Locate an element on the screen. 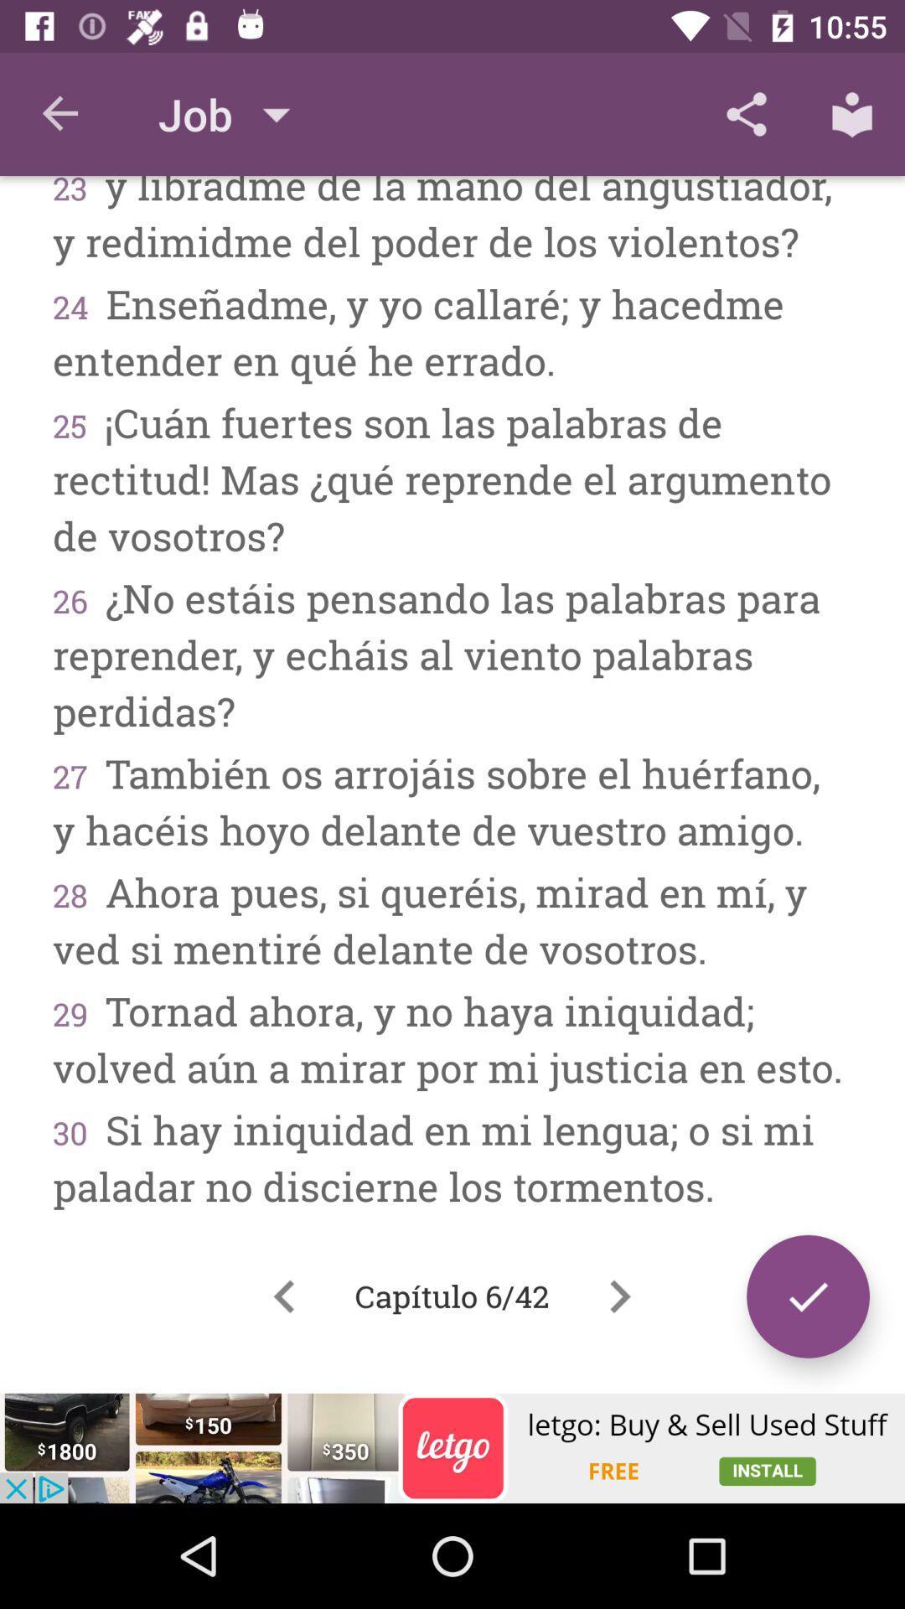 Image resolution: width=905 pixels, height=1609 pixels. icon below 30 si hay item is located at coordinates (807, 1296).